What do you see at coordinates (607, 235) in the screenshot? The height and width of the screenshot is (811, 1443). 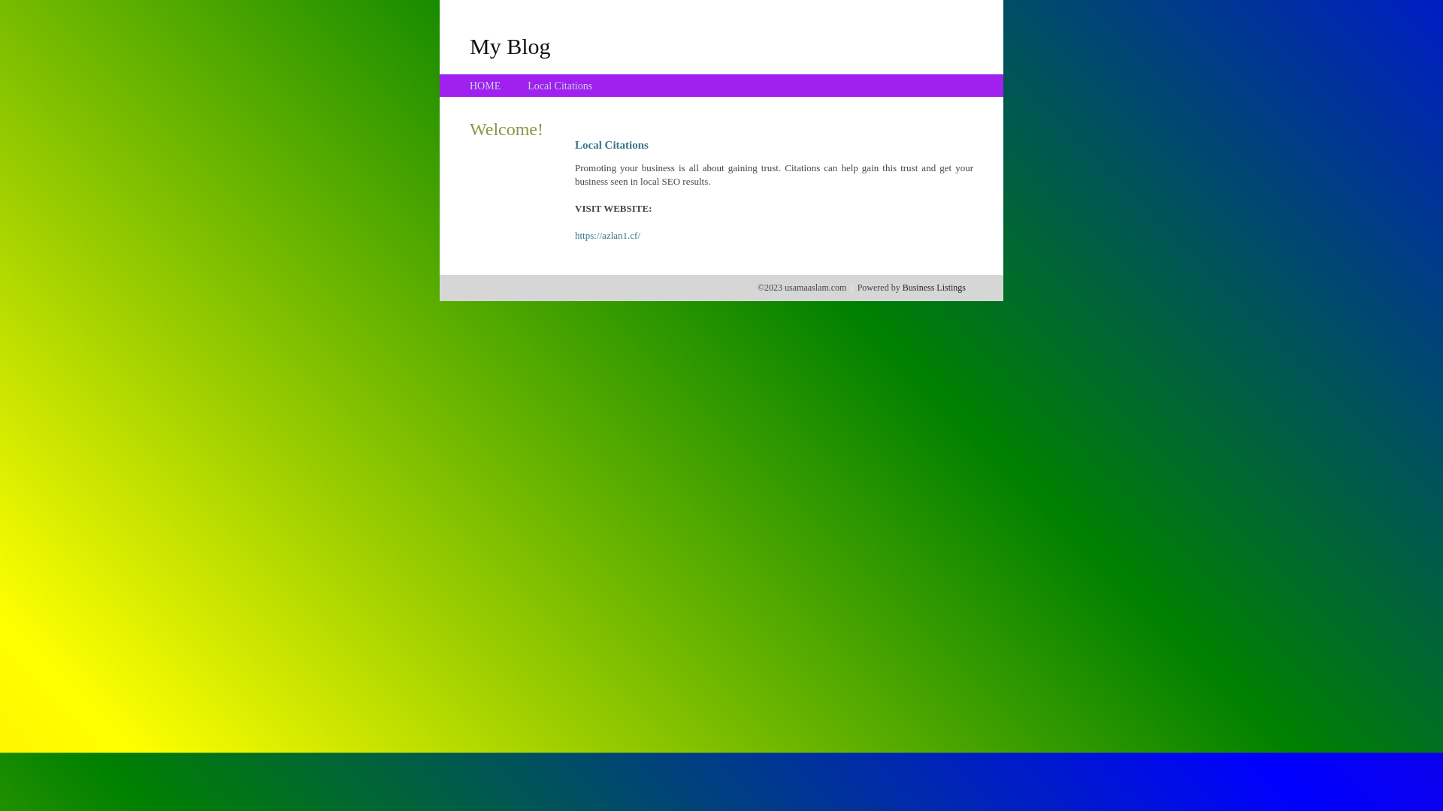 I see `'https://azlan1.cf/'` at bounding box center [607, 235].